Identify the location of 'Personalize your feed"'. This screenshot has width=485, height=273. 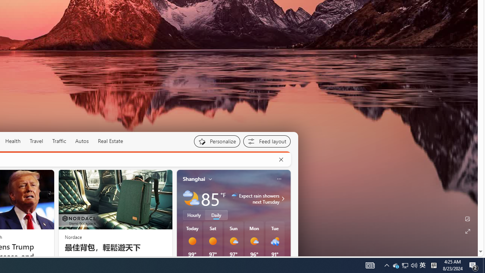
(216, 141).